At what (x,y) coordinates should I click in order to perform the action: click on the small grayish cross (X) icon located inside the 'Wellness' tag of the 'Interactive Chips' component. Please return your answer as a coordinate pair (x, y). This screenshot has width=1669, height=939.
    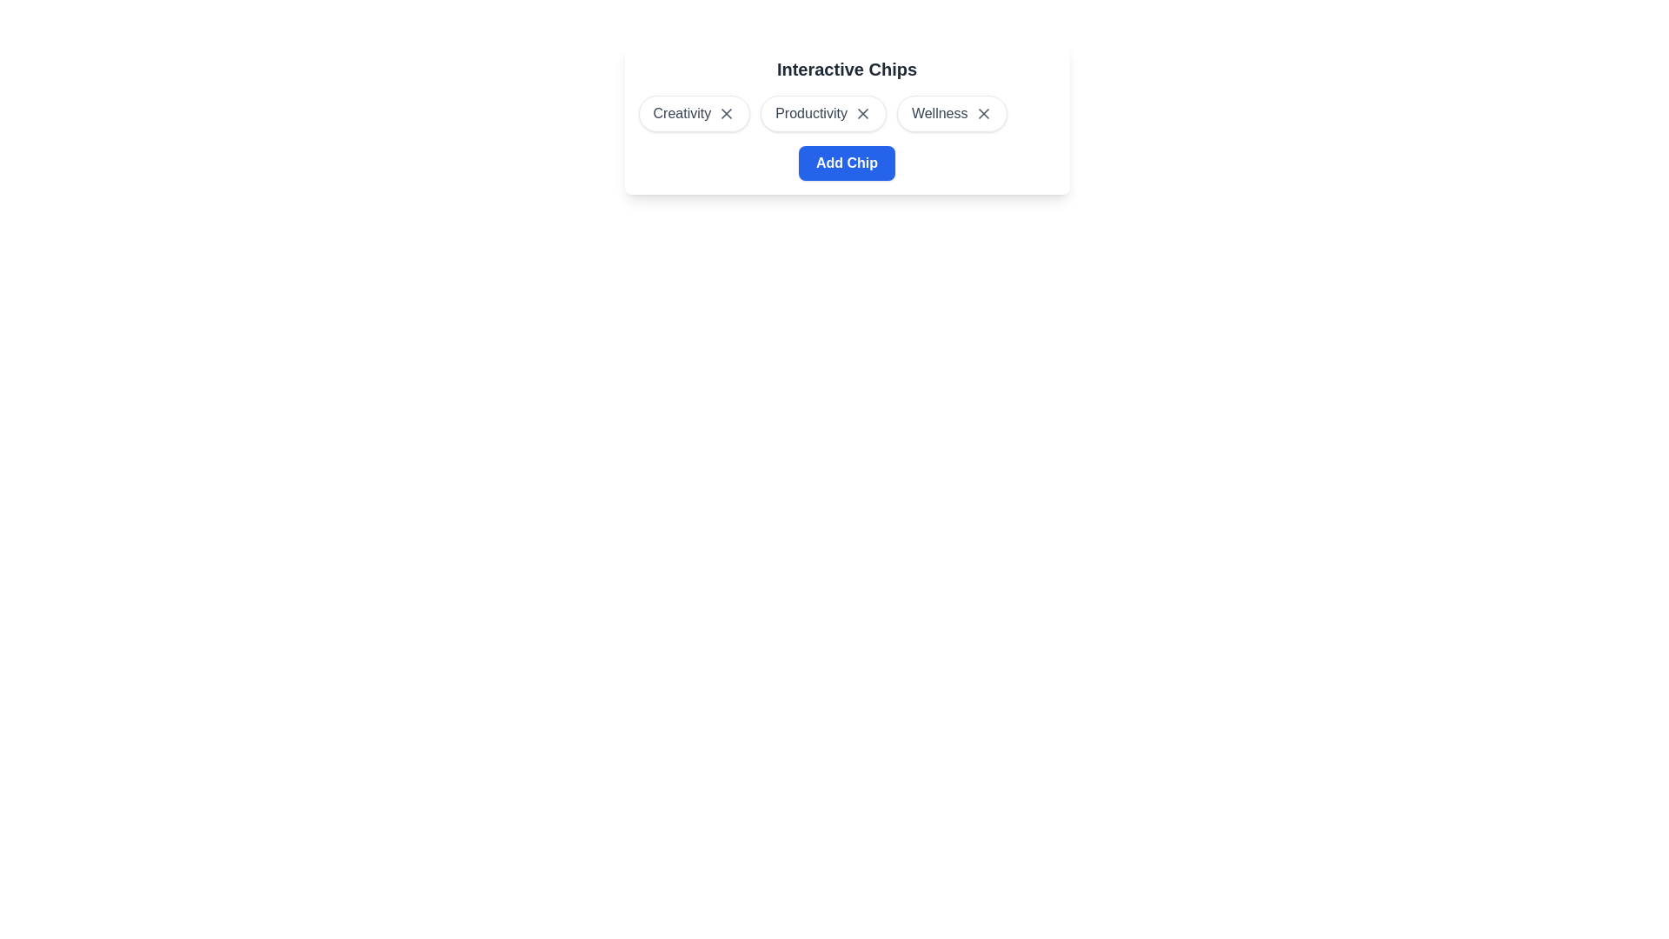
    Looking at the image, I should click on (983, 114).